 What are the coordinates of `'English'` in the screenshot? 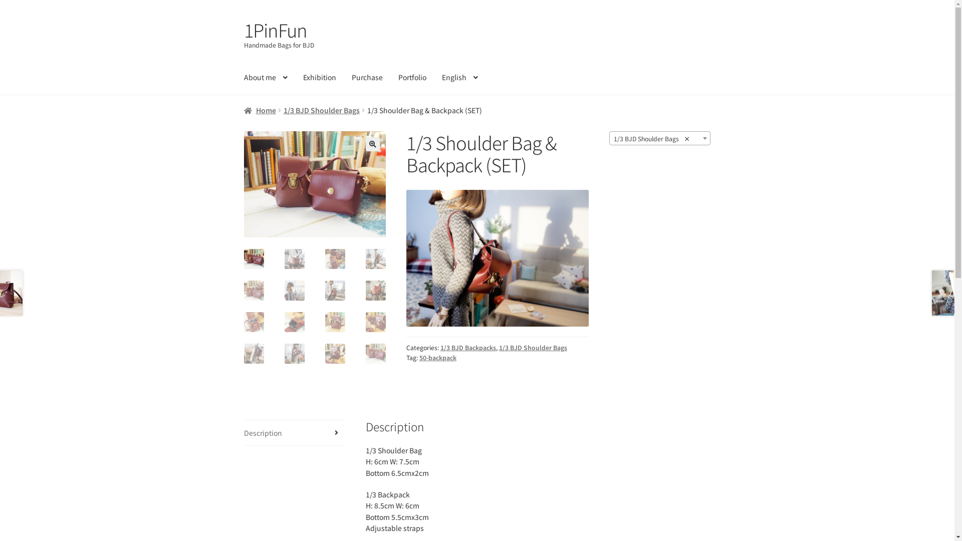 It's located at (459, 77).